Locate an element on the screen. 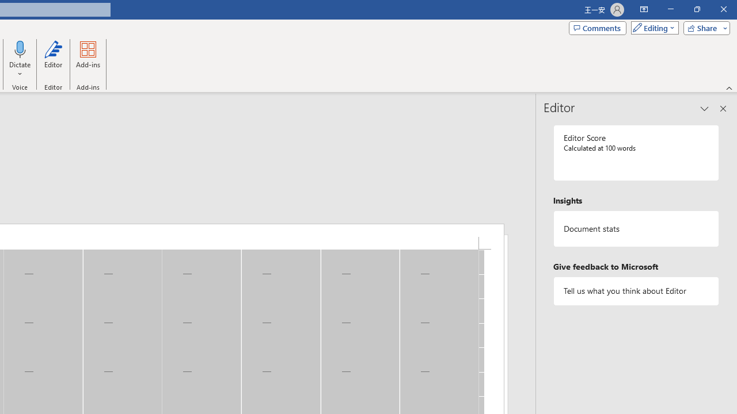 This screenshot has height=414, width=737. 'Ribbon Display Options' is located at coordinates (643, 9).